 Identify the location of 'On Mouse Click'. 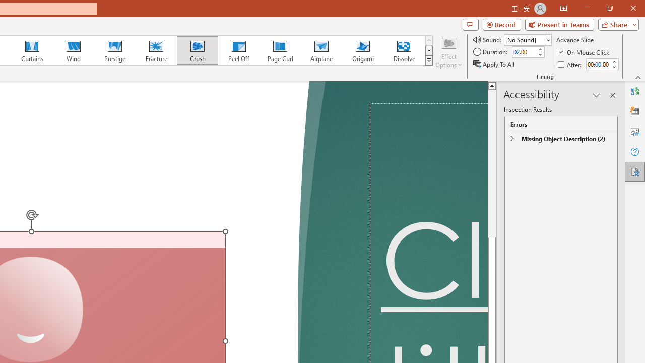
(584, 52).